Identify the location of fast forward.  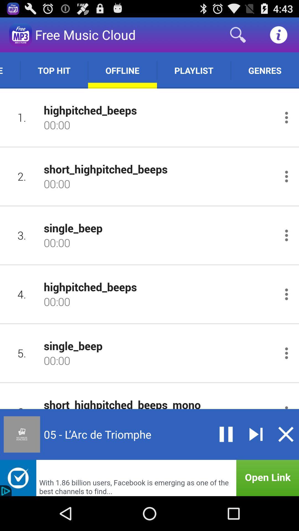
(256, 434).